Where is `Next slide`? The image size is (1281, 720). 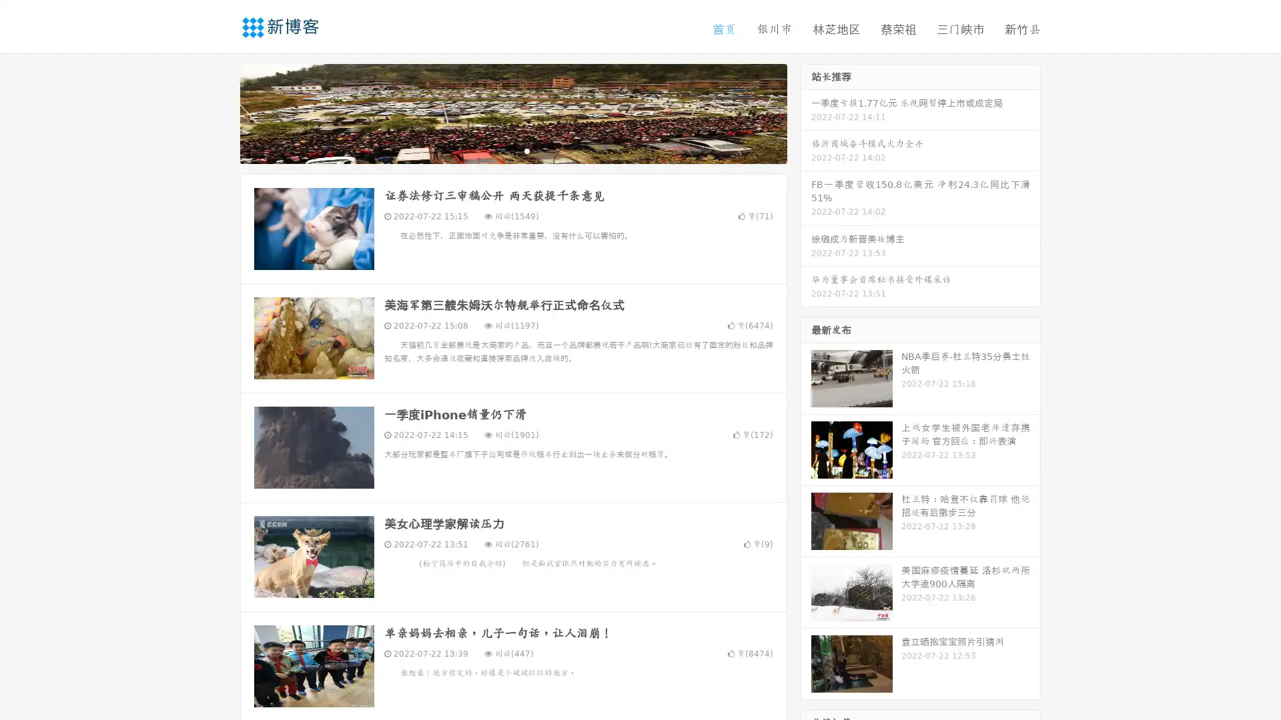 Next slide is located at coordinates (806, 112).